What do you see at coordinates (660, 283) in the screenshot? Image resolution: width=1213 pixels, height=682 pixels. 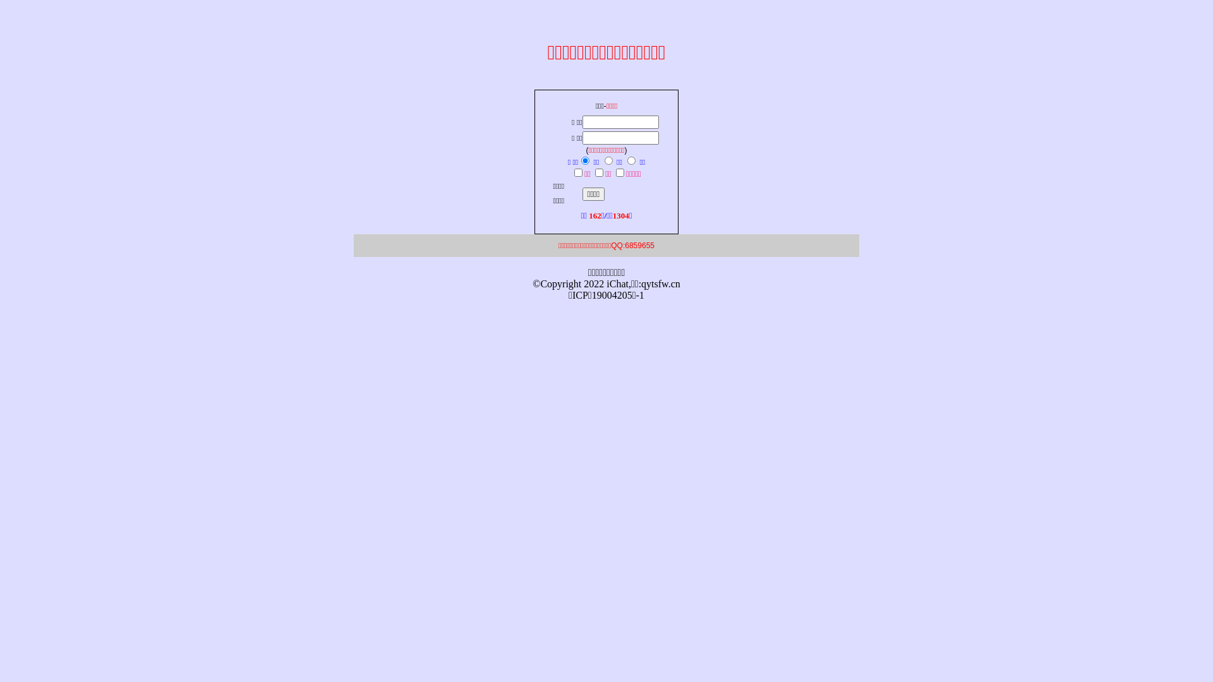 I see `'qytsfw.cn'` at bounding box center [660, 283].